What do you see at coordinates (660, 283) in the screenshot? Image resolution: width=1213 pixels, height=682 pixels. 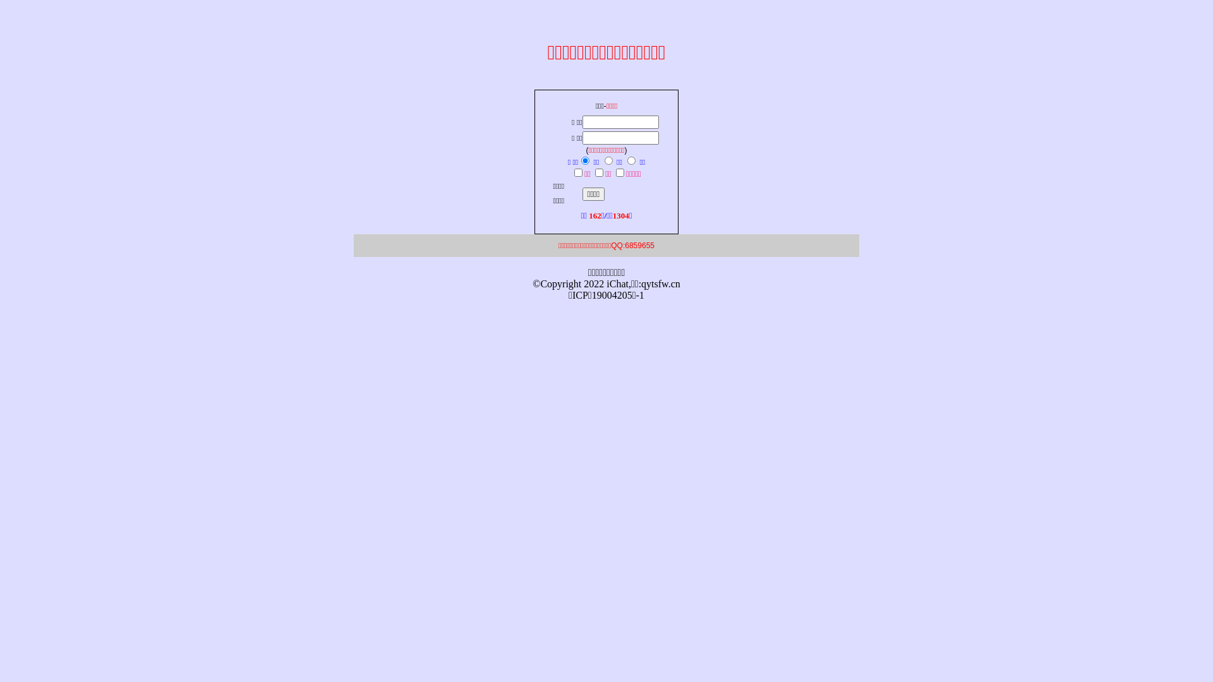 I see `'qytsfw.cn'` at bounding box center [660, 283].